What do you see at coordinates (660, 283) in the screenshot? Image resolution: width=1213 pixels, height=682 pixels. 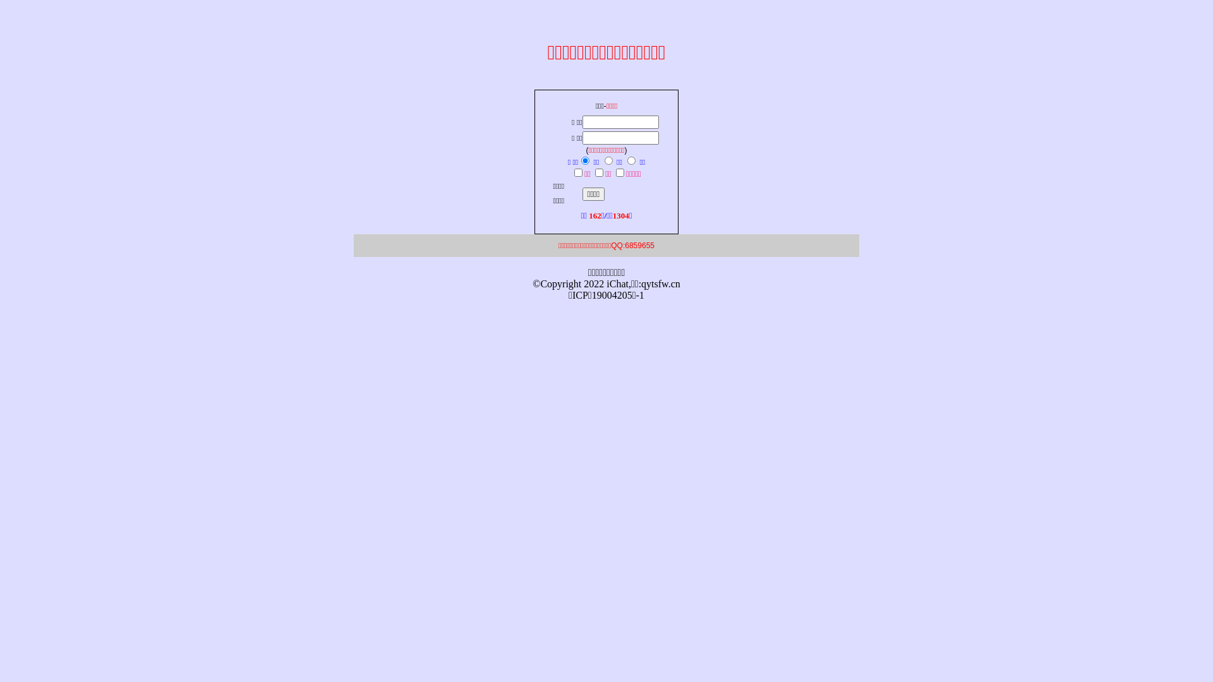 I see `'qytsfw.cn'` at bounding box center [660, 283].